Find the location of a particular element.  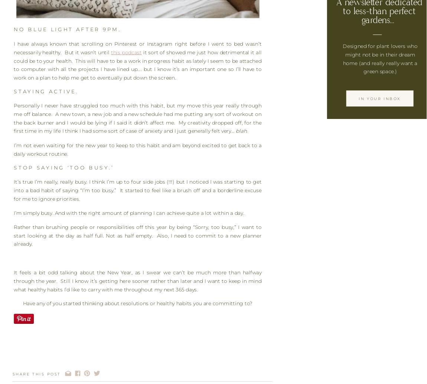

'blah' is located at coordinates (241, 131).